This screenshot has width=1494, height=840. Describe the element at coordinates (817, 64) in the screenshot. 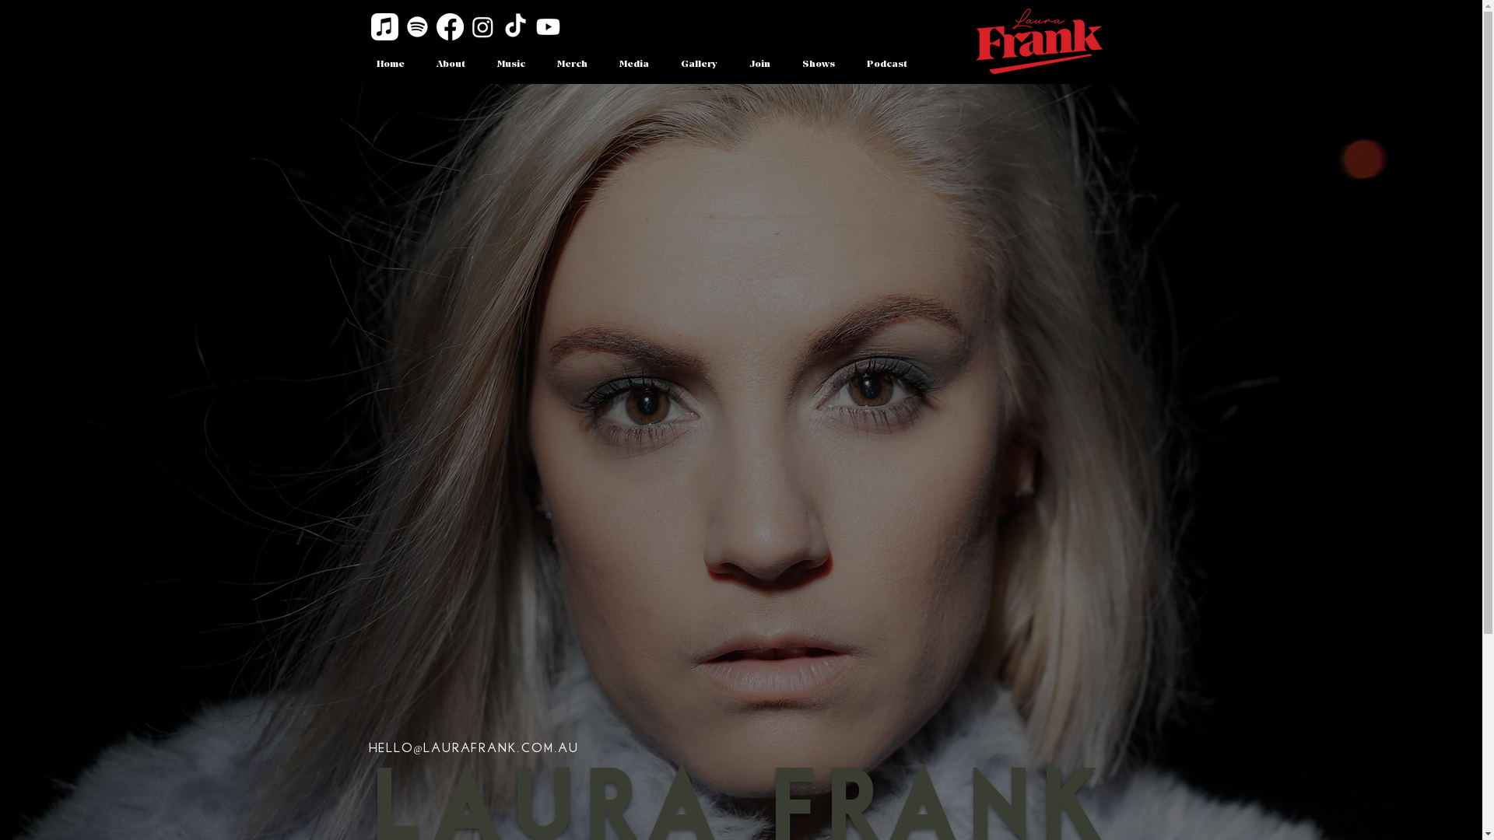

I see `'Shows'` at that location.